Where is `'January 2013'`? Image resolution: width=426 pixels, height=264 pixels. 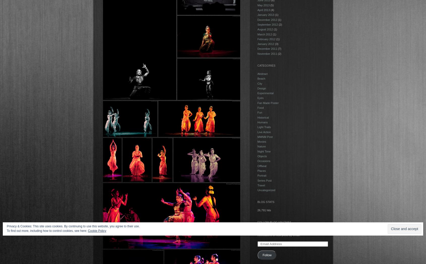
'January 2013' is located at coordinates (265, 14).